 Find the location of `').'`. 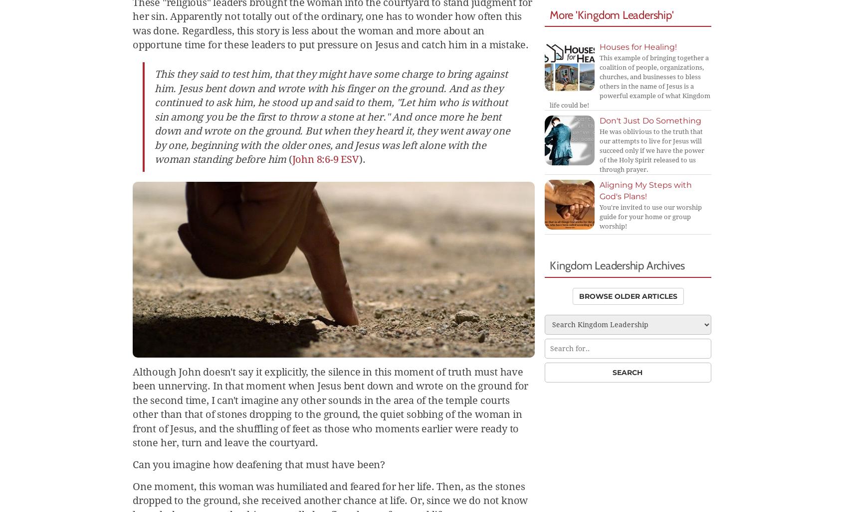

').' is located at coordinates (361, 159).